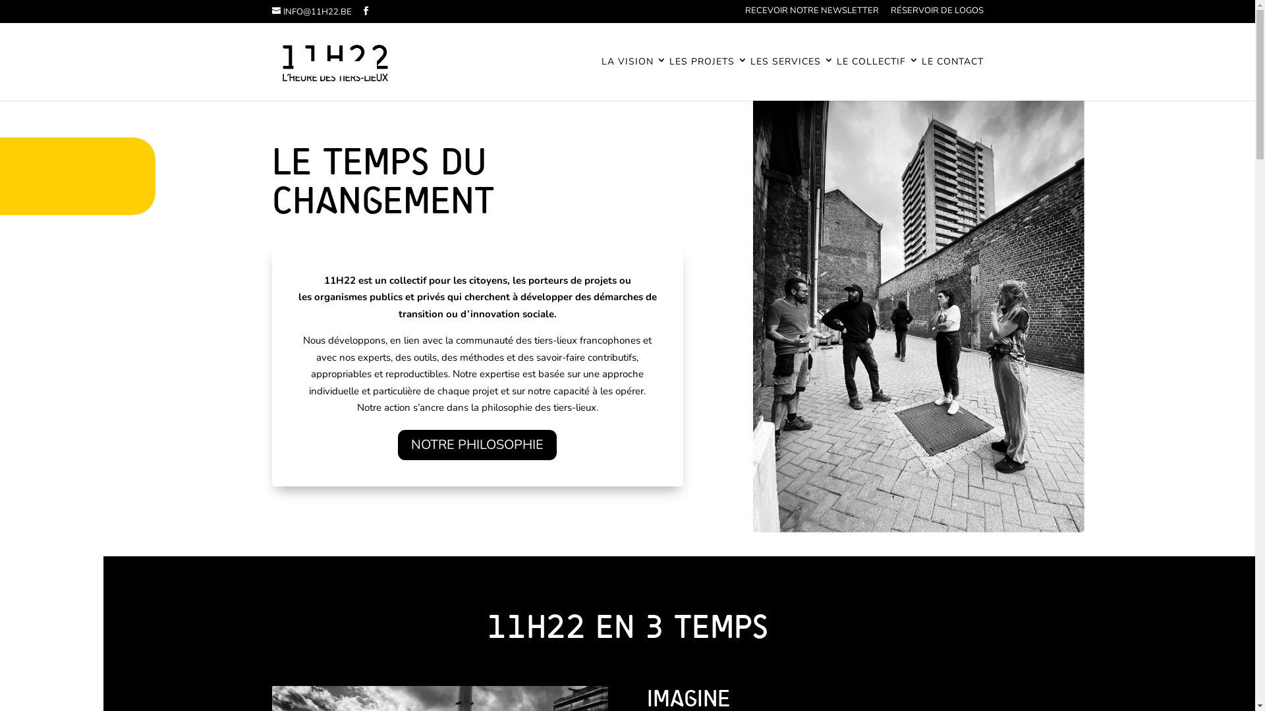 This screenshot has width=1265, height=711. I want to click on 'INFO@11H22.BE', so click(271, 12).